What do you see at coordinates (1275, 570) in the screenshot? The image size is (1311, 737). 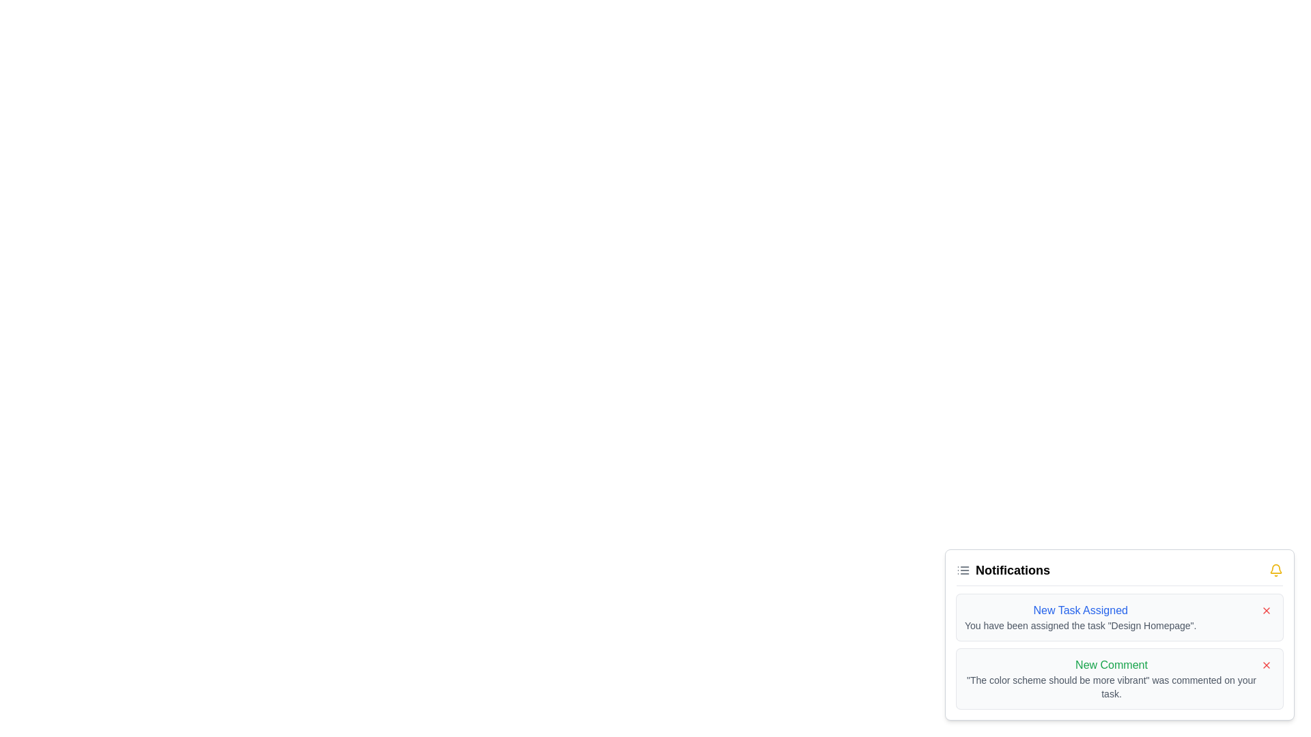 I see `the yellow bell-shaped icon located at the top right corner of the 'Notifications' section` at bounding box center [1275, 570].